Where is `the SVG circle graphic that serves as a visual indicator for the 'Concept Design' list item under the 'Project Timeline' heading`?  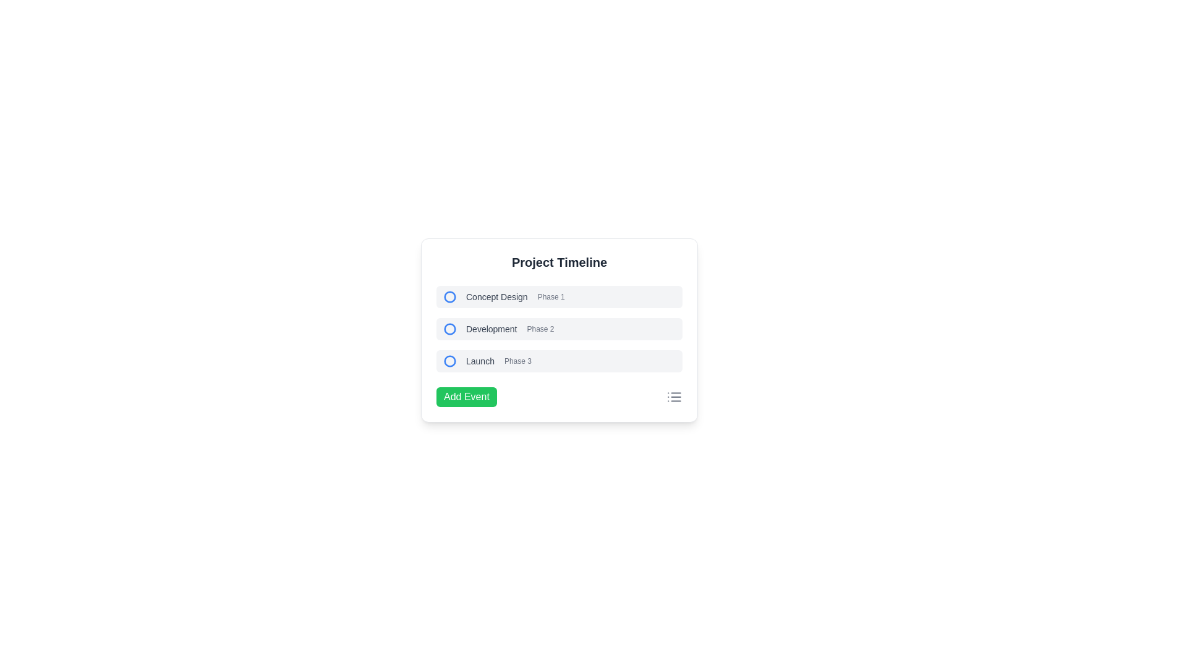
the SVG circle graphic that serves as a visual indicator for the 'Concept Design' list item under the 'Project Timeline' heading is located at coordinates (449, 297).